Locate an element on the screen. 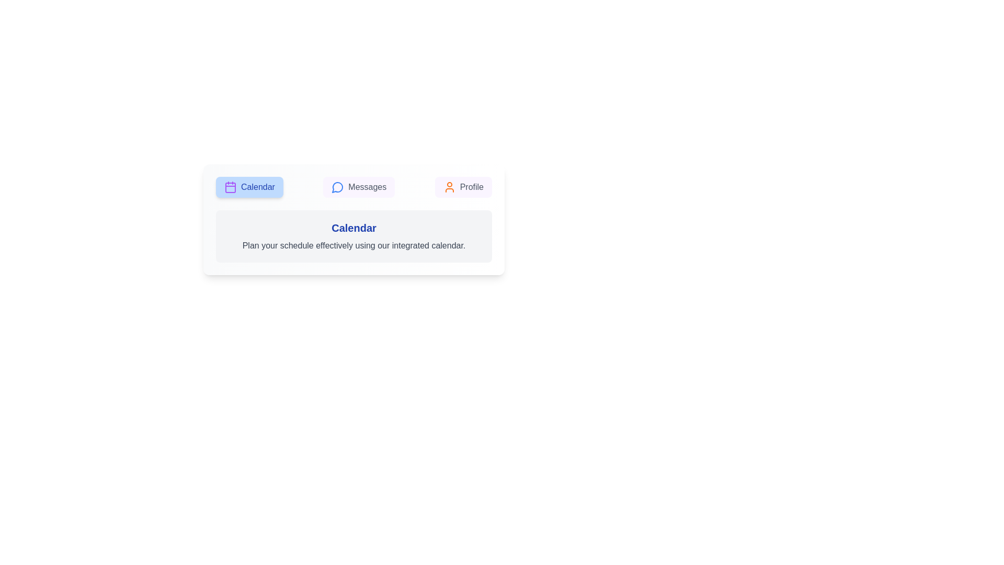 The image size is (1004, 565). the Messages tab by clicking on its button is located at coordinates (359, 187).